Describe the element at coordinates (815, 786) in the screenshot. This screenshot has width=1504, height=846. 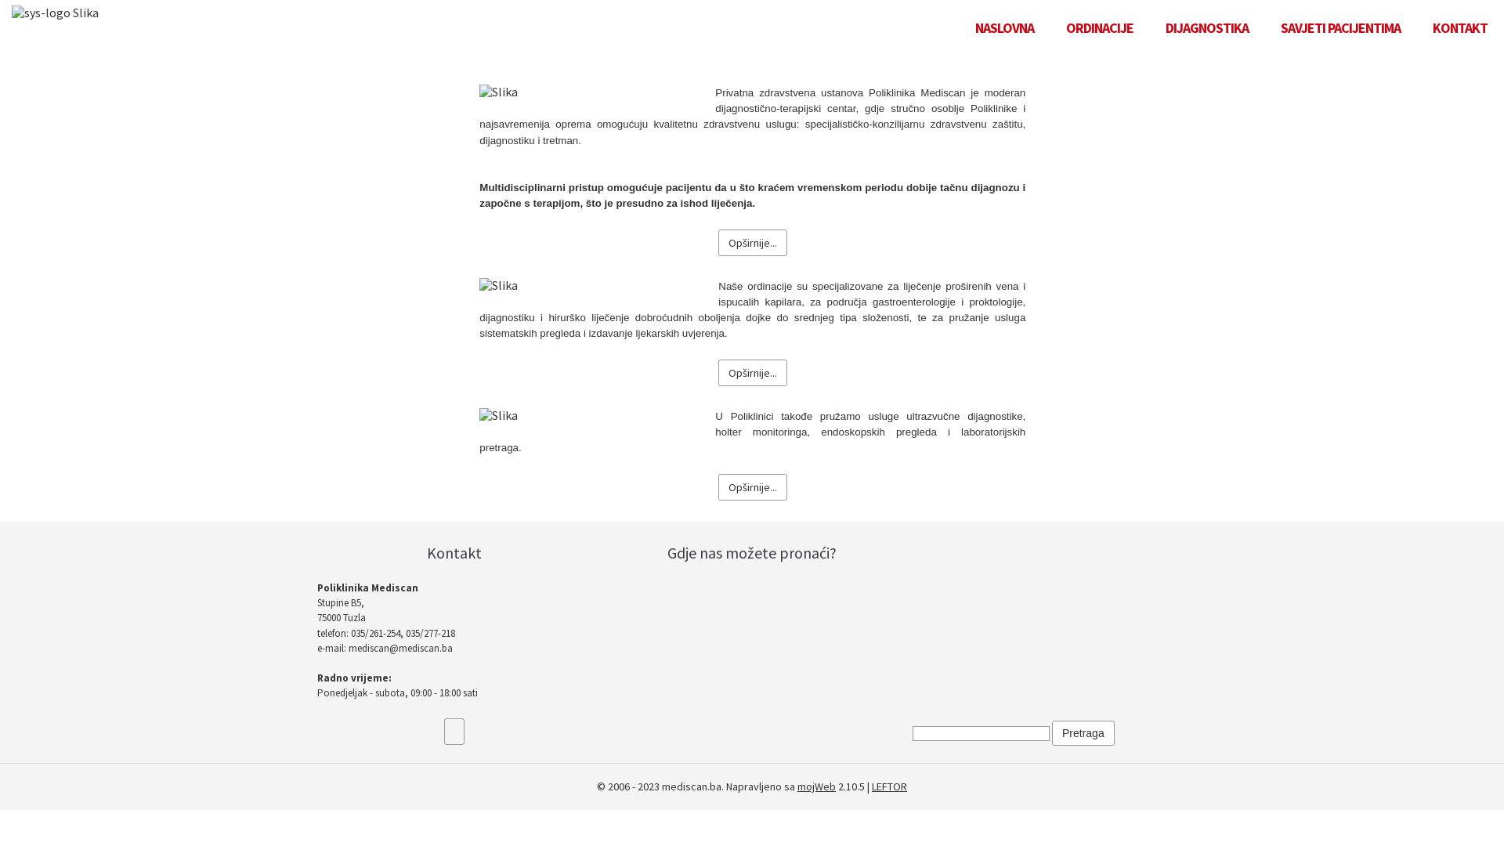
I see `'mojWeb'` at that location.